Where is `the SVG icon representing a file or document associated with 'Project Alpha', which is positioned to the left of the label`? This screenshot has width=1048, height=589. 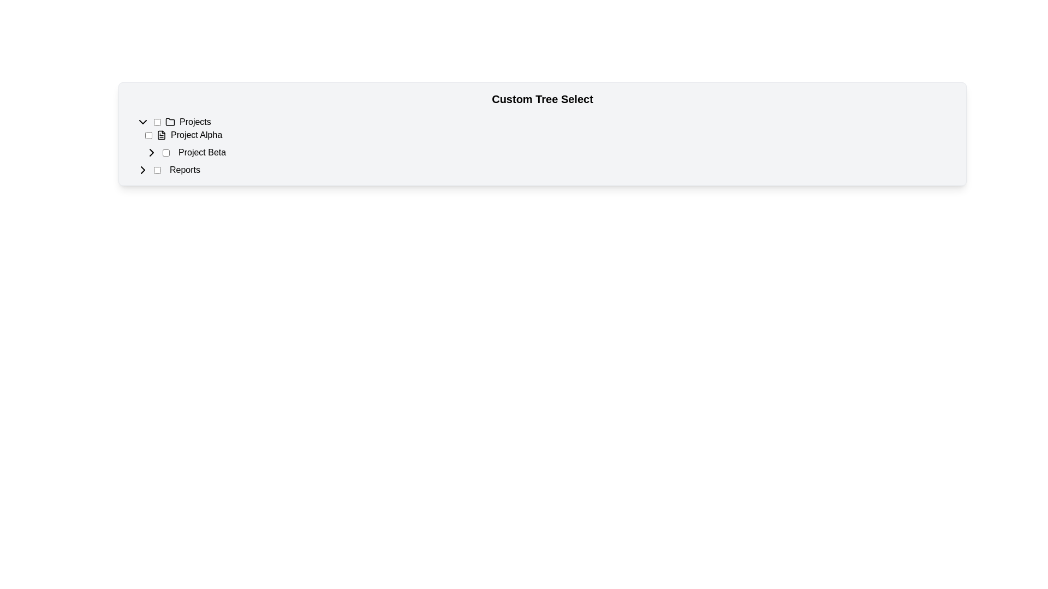
the SVG icon representing a file or document associated with 'Project Alpha', which is positioned to the left of the label is located at coordinates (161, 134).